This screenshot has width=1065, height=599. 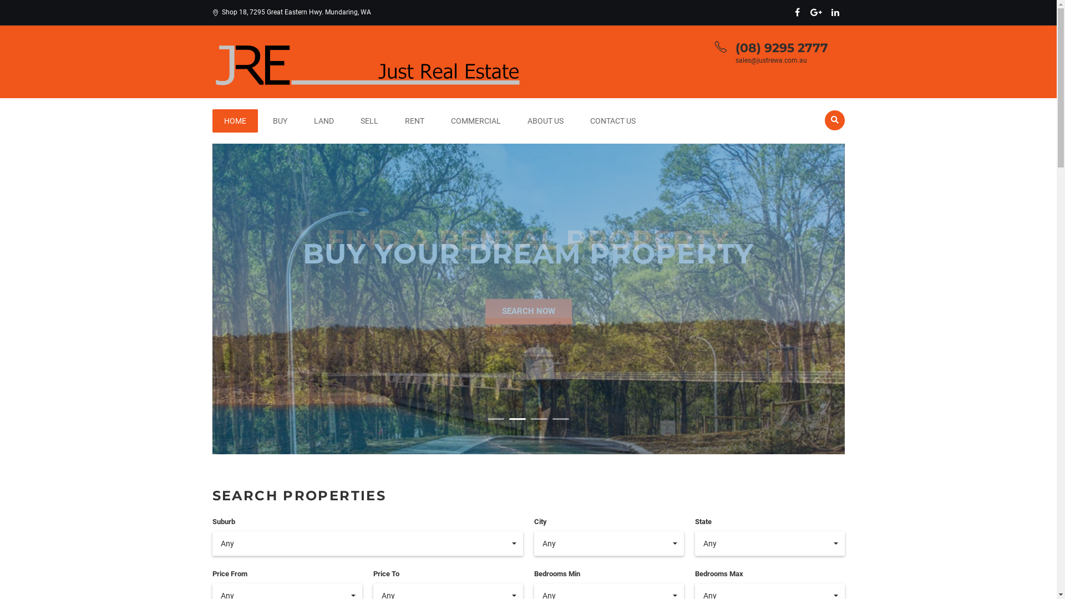 What do you see at coordinates (393, 121) in the screenshot?
I see `'RENT'` at bounding box center [393, 121].